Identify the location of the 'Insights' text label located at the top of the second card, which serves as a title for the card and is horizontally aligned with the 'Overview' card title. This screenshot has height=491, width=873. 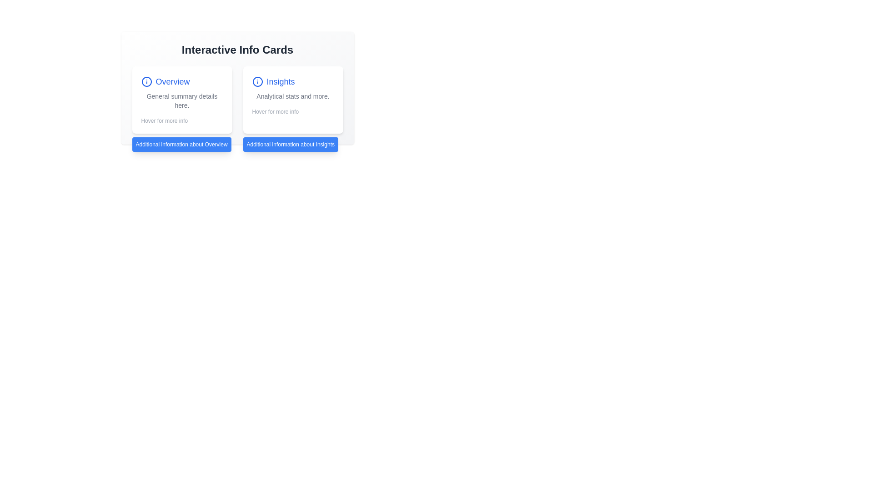
(293, 82).